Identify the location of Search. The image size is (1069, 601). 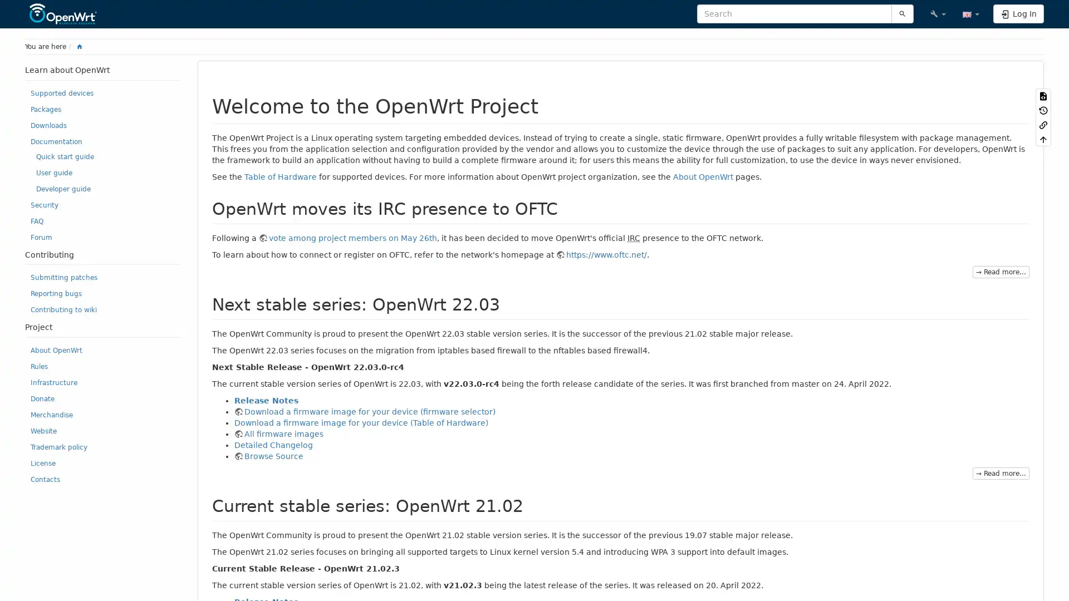
(902, 13).